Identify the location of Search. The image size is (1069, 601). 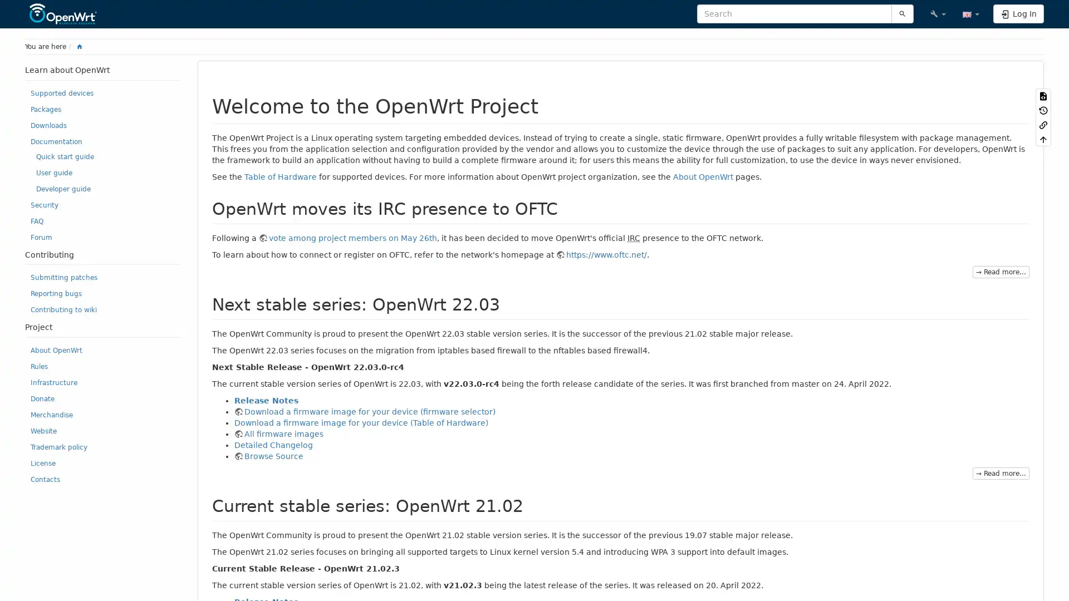
(902, 13).